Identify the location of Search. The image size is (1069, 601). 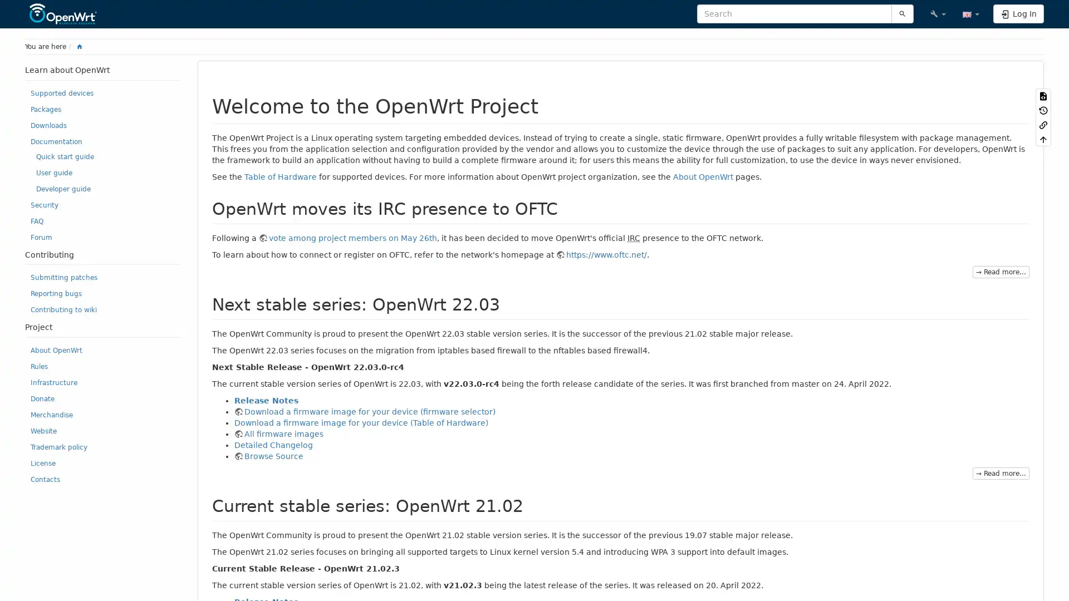
(902, 13).